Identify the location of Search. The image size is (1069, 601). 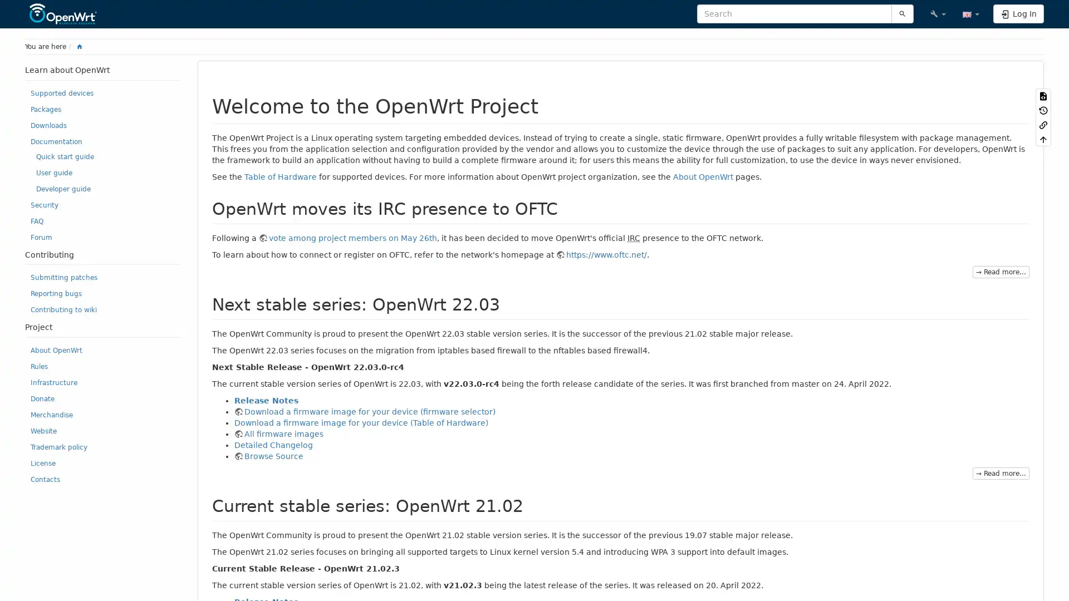
(902, 13).